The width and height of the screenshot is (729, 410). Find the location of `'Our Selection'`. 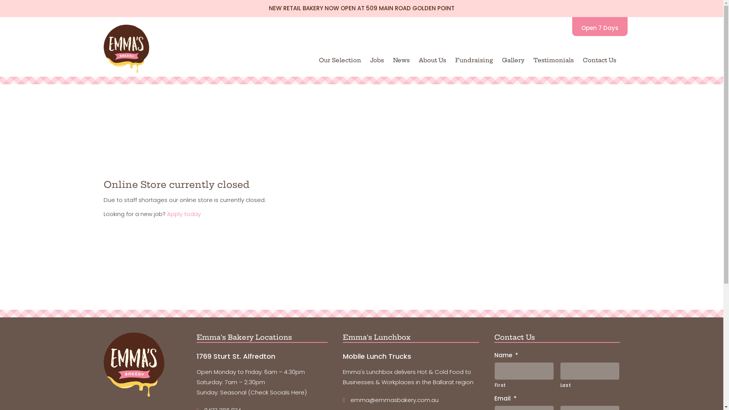

'Our Selection' is located at coordinates (339, 60).